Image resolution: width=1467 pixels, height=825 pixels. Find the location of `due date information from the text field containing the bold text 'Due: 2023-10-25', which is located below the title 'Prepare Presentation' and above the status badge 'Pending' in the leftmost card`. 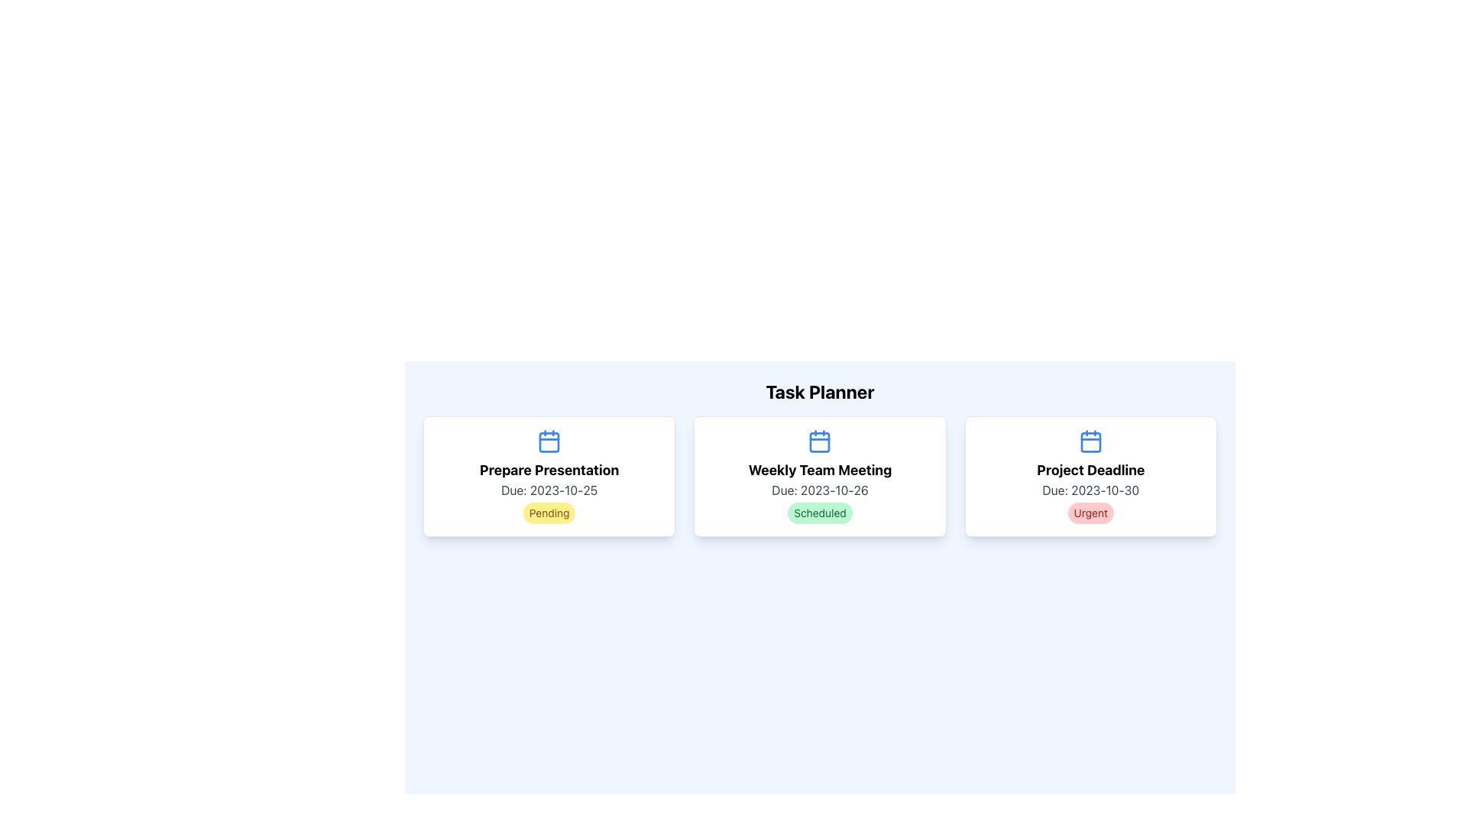

due date information from the text field containing the bold text 'Due: 2023-10-25', which is located below the title 'Prepare Presentation' and above the status badge 'Pending' in the leftmost card is located at coordinates (549, 490).